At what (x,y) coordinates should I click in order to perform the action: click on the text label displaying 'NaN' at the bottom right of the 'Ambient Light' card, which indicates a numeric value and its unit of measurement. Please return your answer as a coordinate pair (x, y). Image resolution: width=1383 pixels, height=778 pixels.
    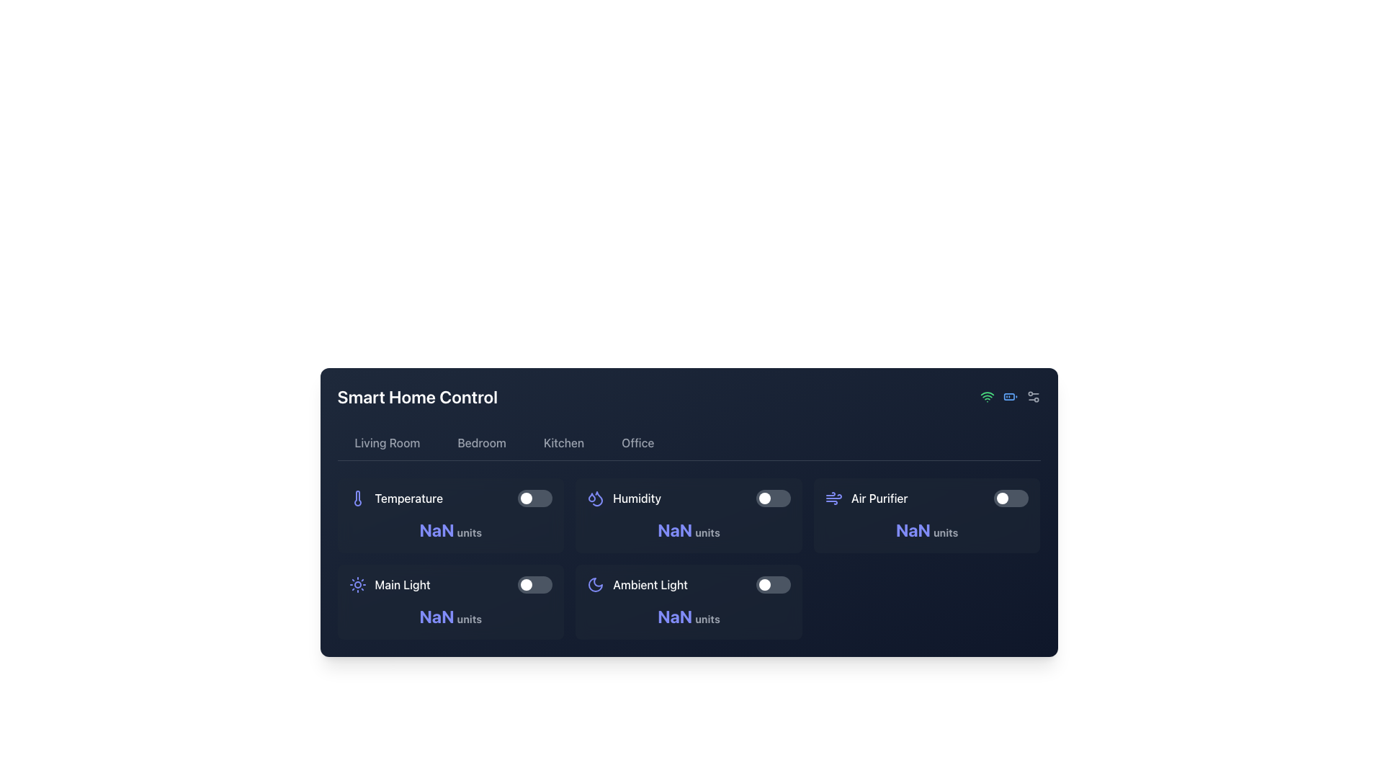
    Looking at the image, I should click on (688, 616).